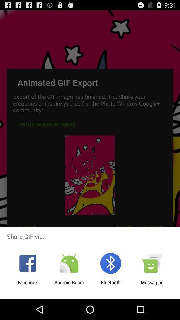 Image resolution: width=180 pixels, height=320 pixels. Describe the element at coordinates (152, 285) in the screenshot. I see `icon next to the bluetooth app` at that location.